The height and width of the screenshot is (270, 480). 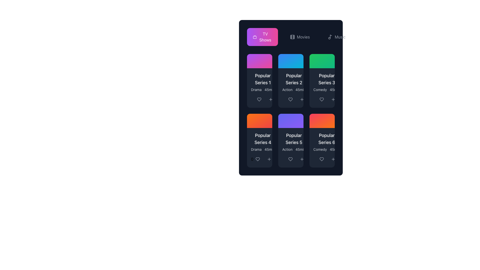 I want to click on the play button located at the center of the sixth card in the second row, third column of the grid, so click(x=322, y=121).